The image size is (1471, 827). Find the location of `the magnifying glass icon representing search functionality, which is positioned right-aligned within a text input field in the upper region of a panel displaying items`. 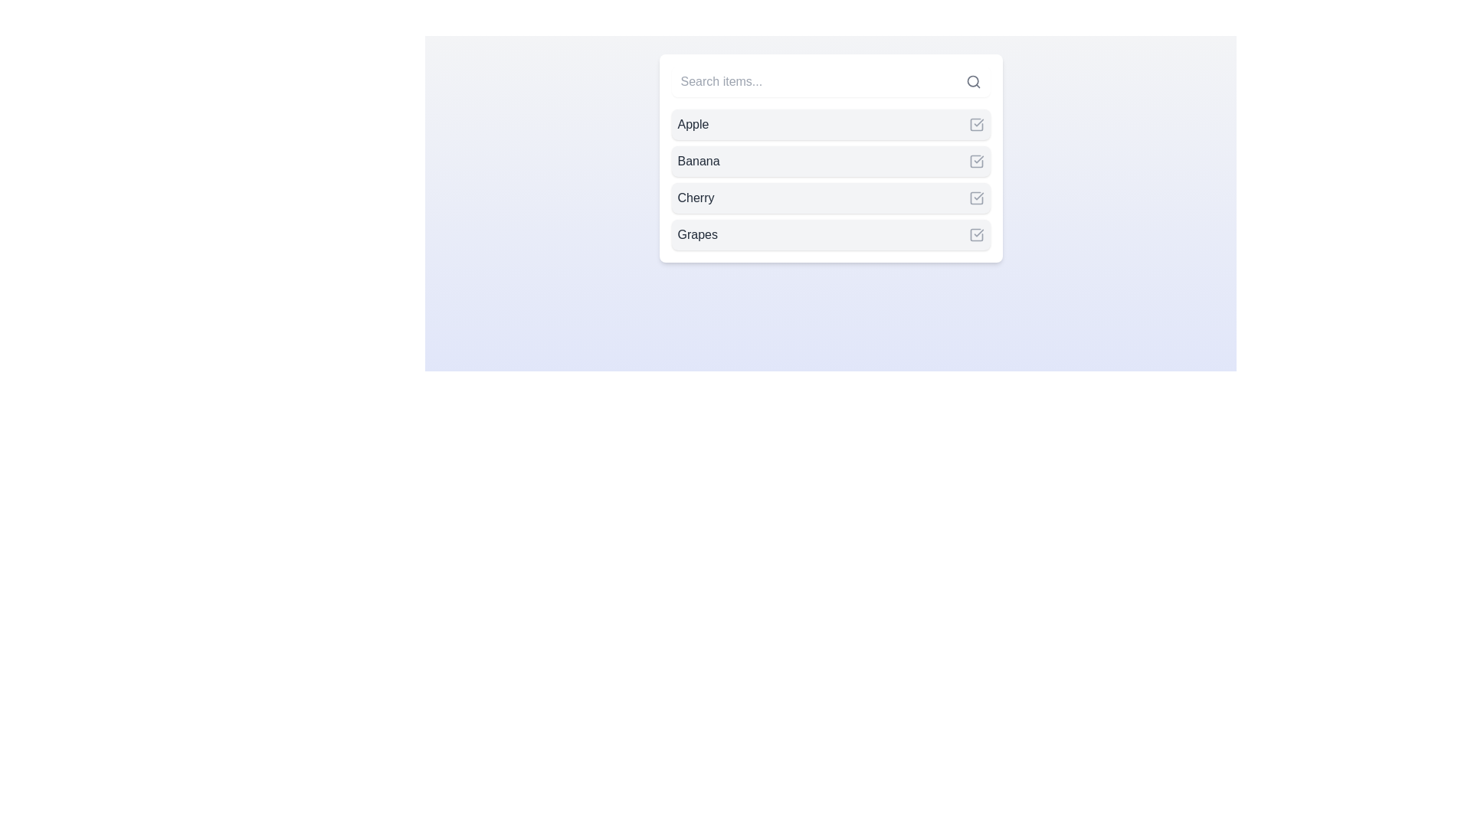

the magnifying glass icon representing search functionality, which is positioned right-aligned within a text input field in the upper region of a panel displaying items is located at coordinates (972, 82).